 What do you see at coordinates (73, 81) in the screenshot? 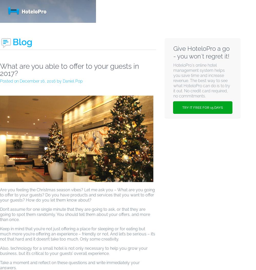
I see `'Daniel Pop'` at bounding box center [73, 81].